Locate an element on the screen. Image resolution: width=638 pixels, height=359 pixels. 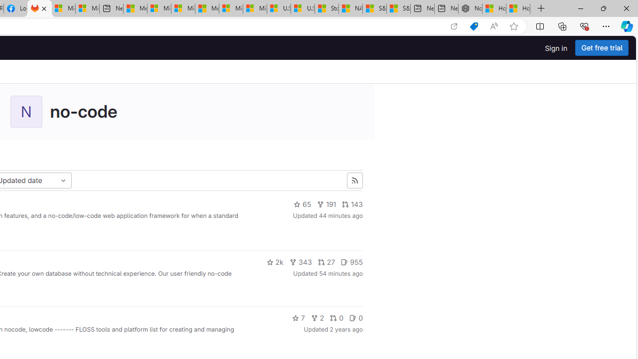
'0' is located at coordinates (356, 318).